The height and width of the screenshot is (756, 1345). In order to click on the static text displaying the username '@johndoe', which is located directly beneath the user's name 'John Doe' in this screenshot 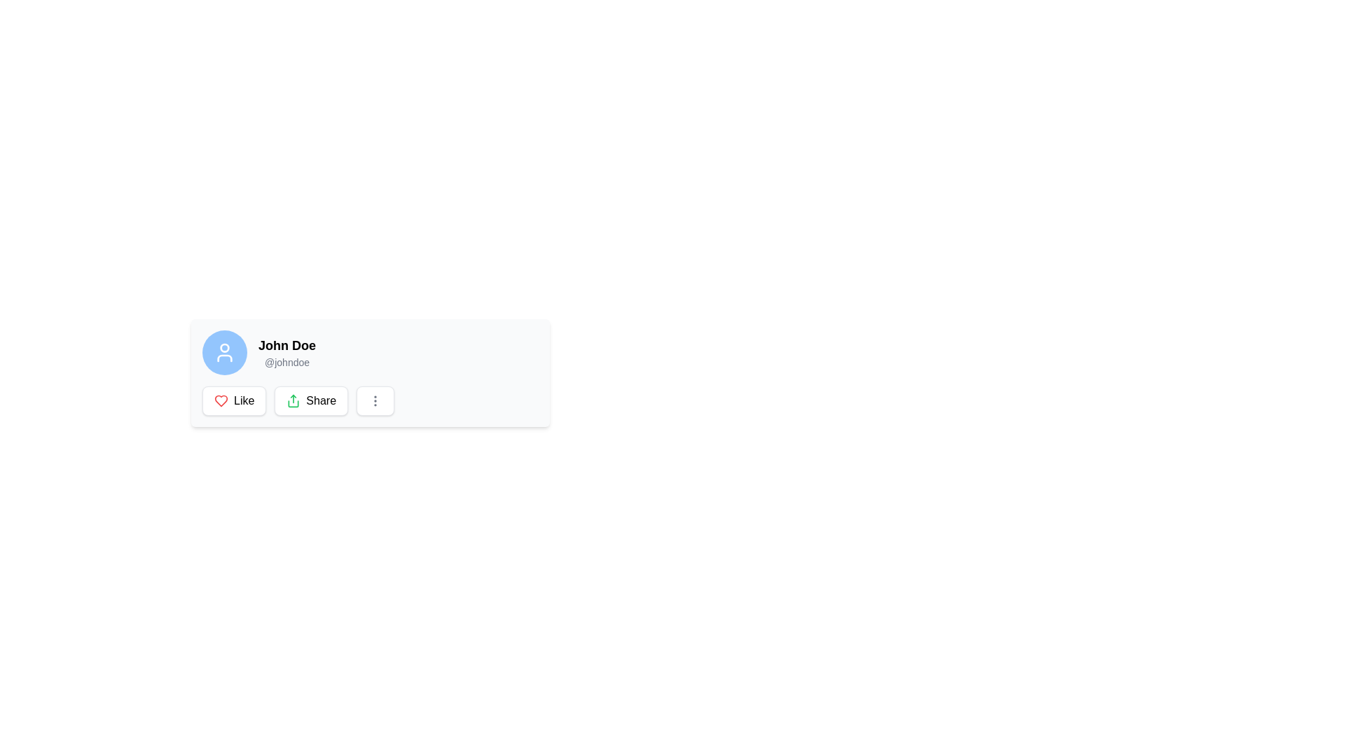, I will do `click(286, 361)`.